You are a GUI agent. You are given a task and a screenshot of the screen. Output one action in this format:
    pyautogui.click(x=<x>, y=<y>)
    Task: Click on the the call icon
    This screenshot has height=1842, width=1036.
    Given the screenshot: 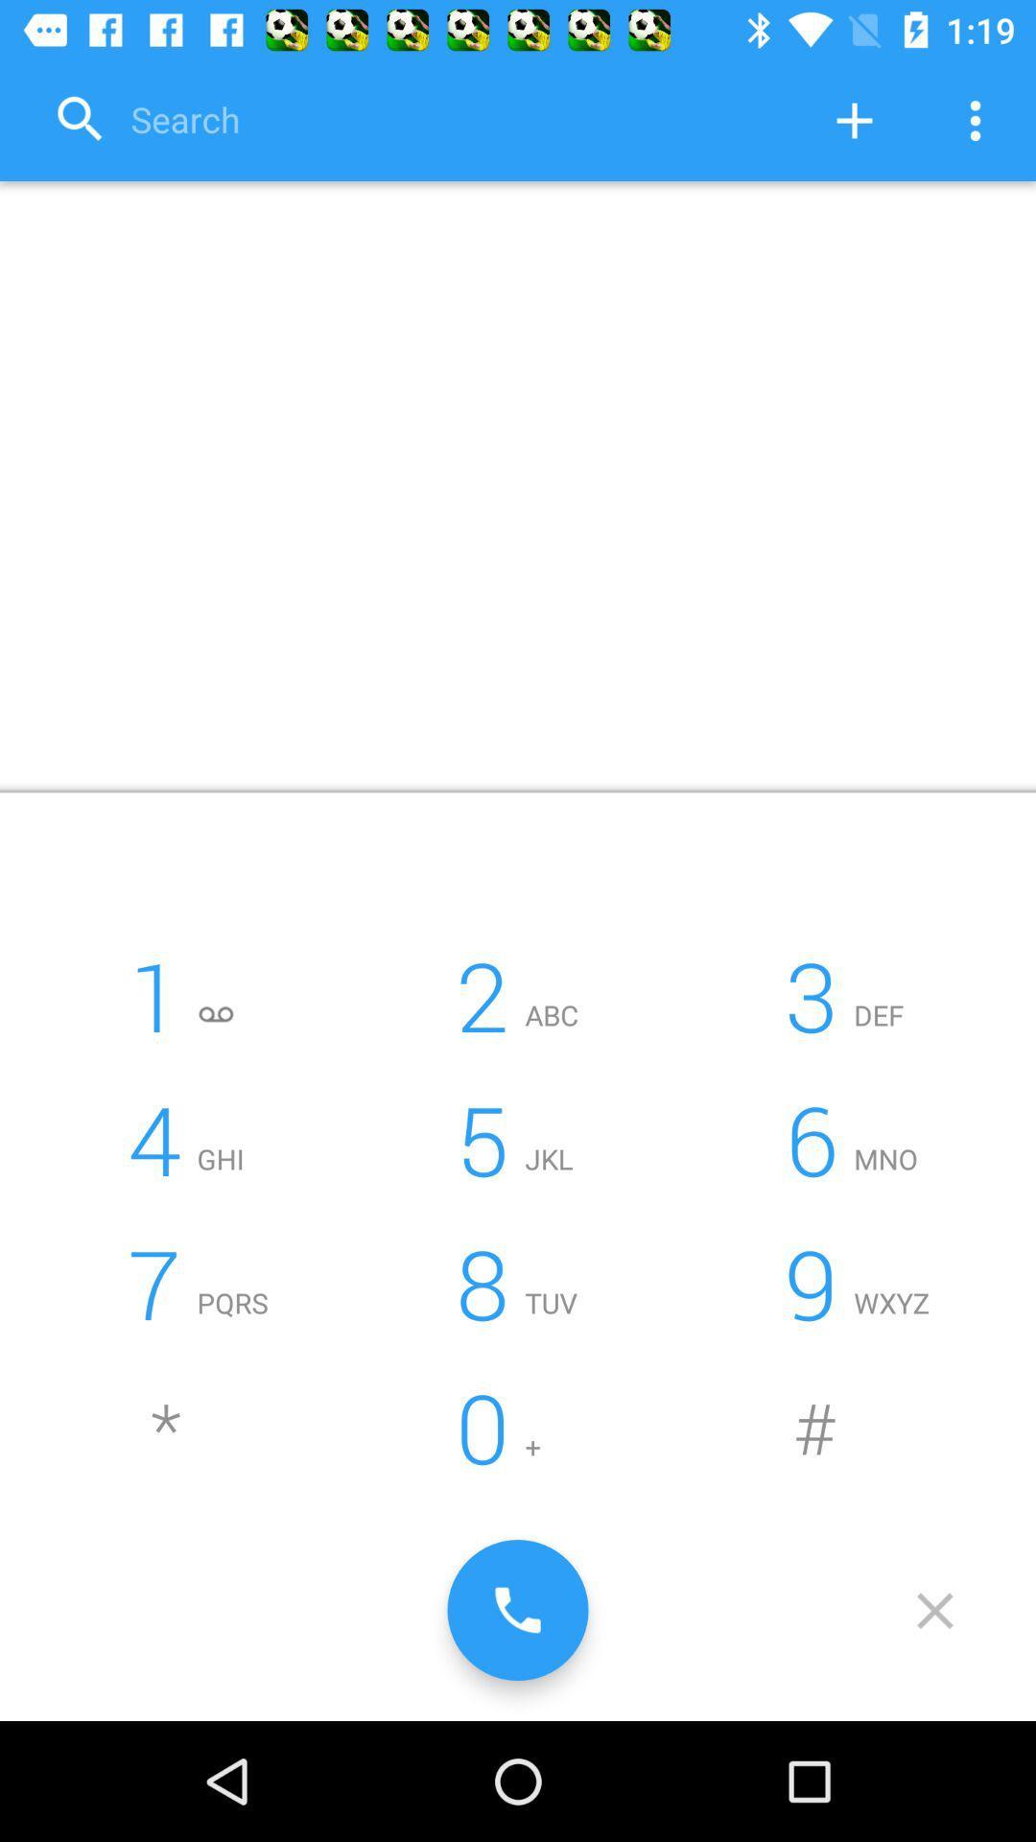 What is the action you would take?
    pyautogui.click(x=518, y=1610)
    